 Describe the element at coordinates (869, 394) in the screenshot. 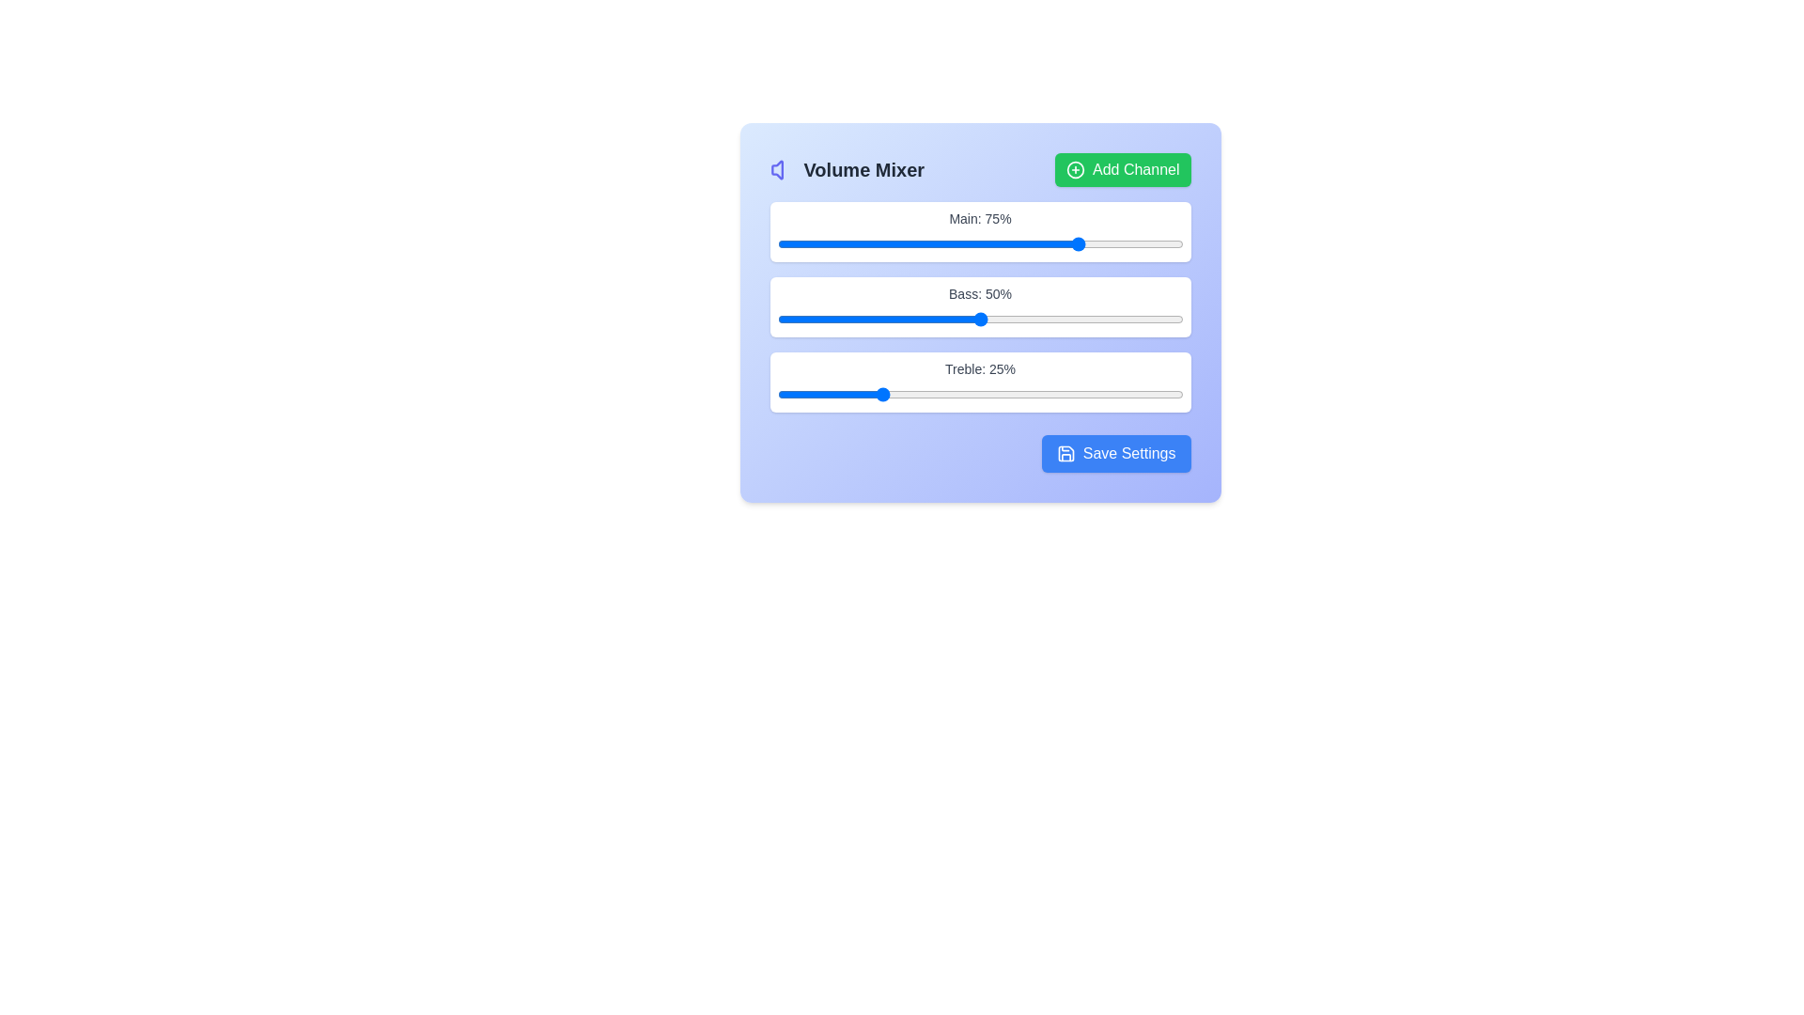

I see `treble` at that location.